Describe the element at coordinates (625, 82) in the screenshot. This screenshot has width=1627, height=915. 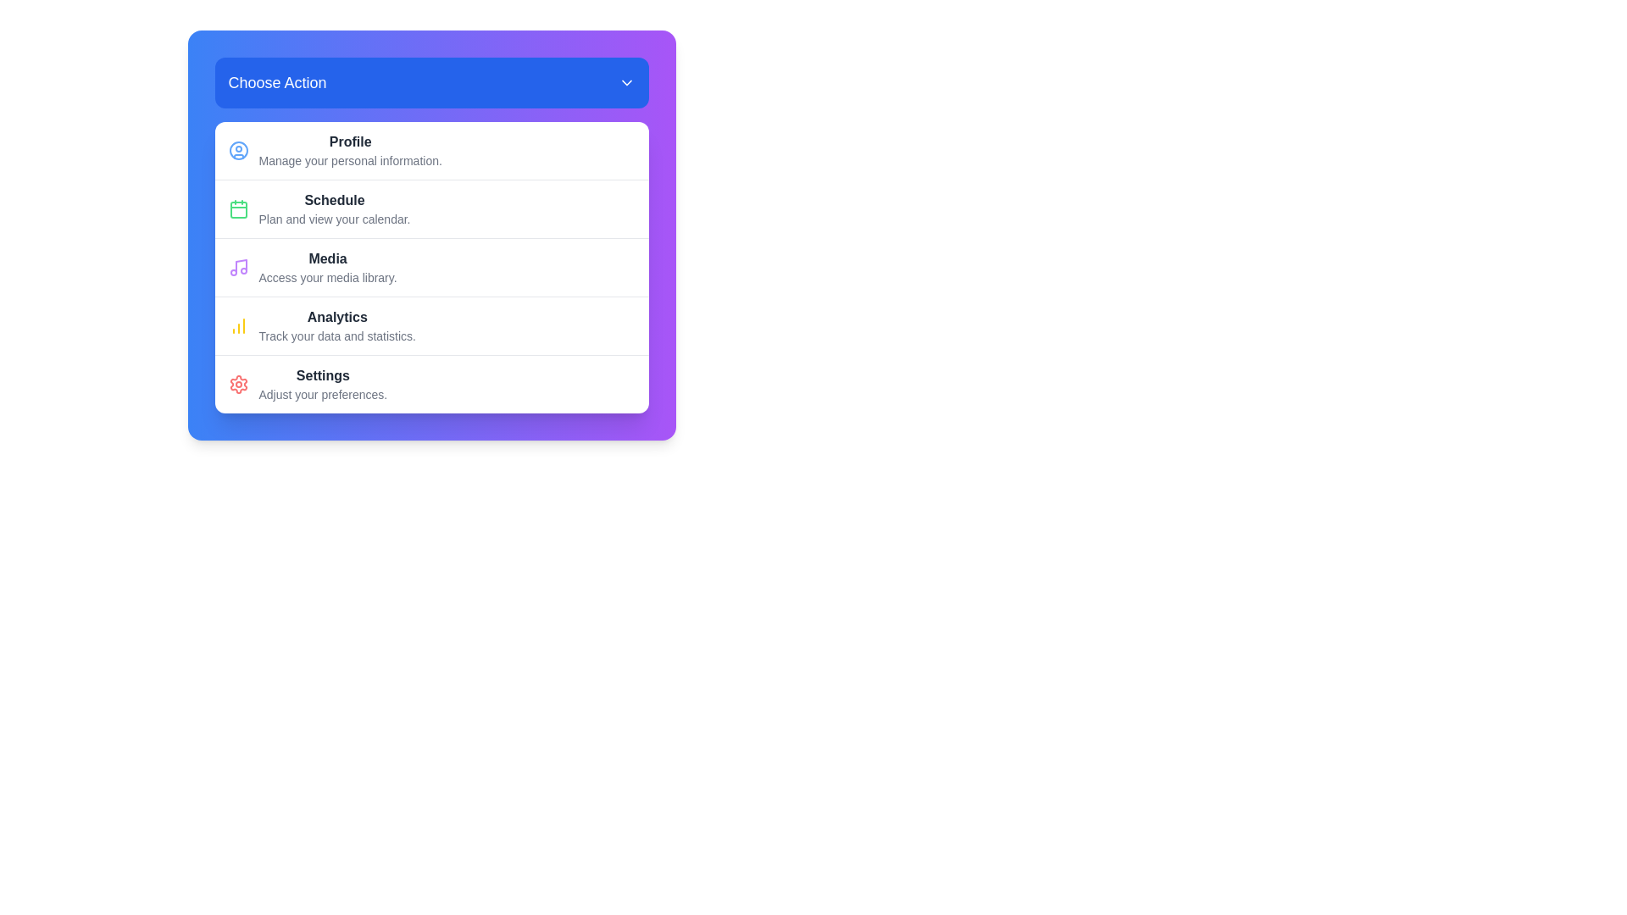
I see `the Dropdown indicator (chevron icon) located within the blue header bar, adjacent to the 'Choose Action' label, for accessibility purposes` at that location.